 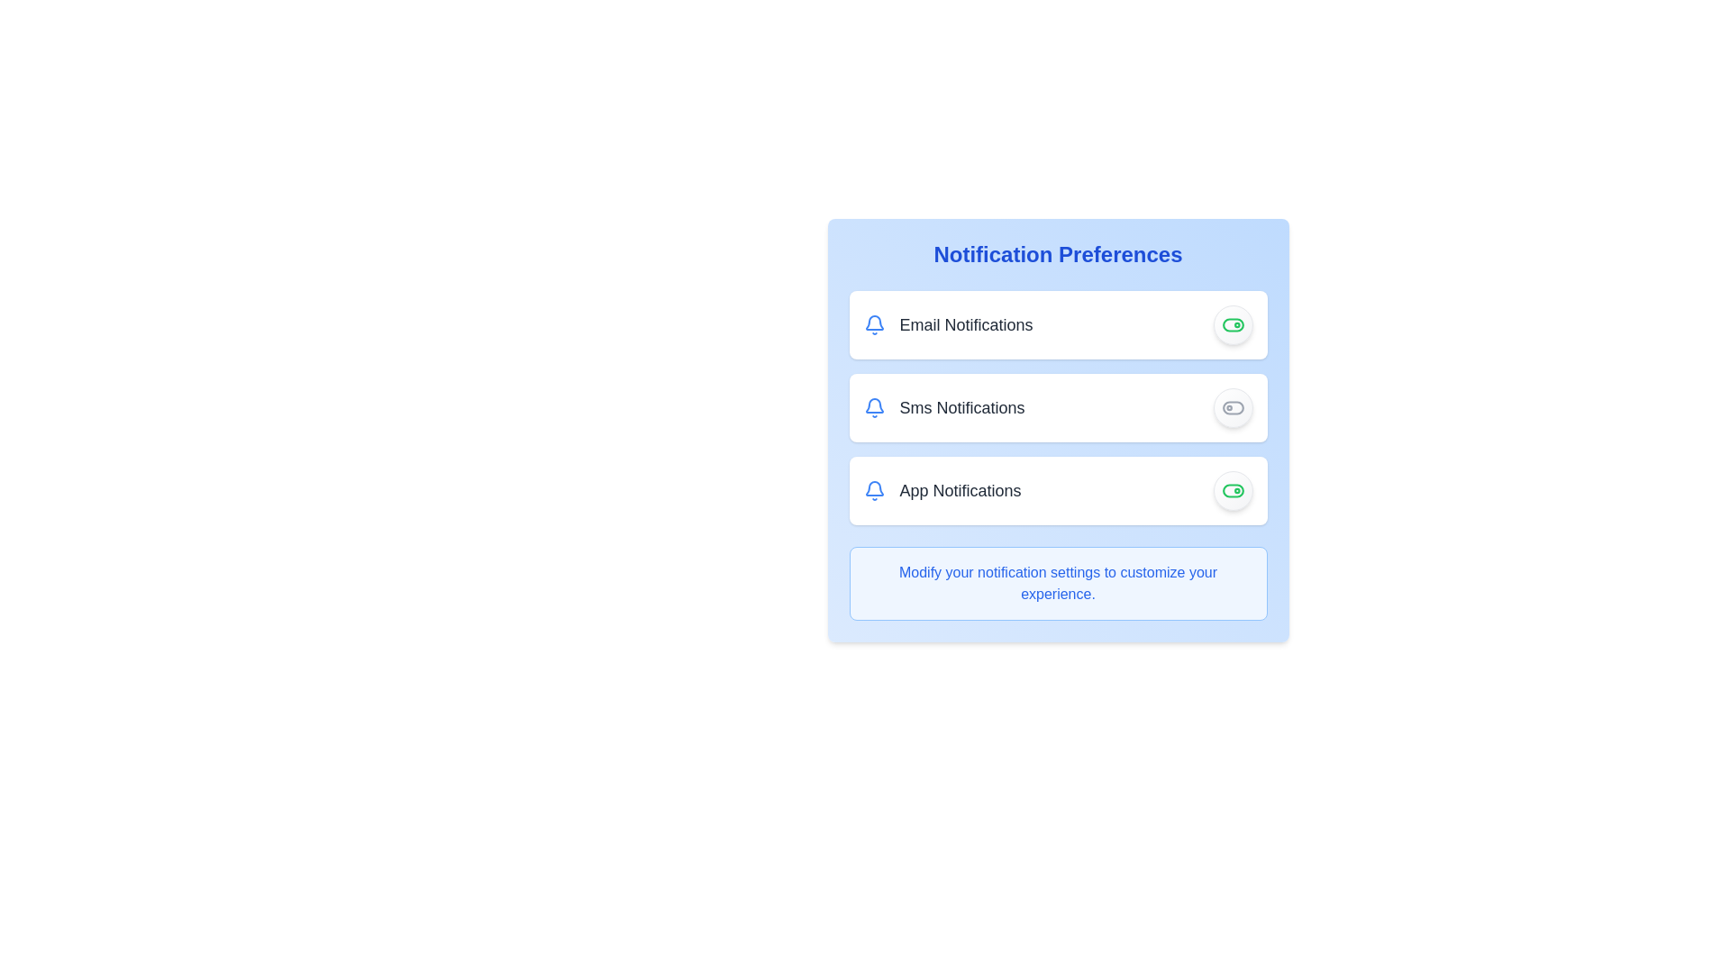 What do you see at coordinates (874, 407) in the screenshot?
I see `the blue bell-shaped icon located to the left of the 'Sms Notifications' text` at bounding box center [874, 407].